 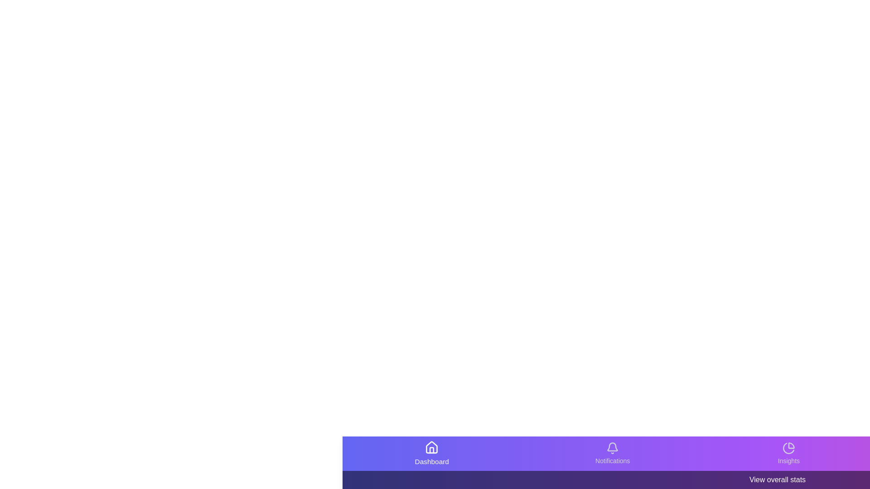 What do you see at coordinates (431, 454) in the screenshot?
I see `the Dashboard icon in the bottom navigation bar` at bounding box center [431, 454].